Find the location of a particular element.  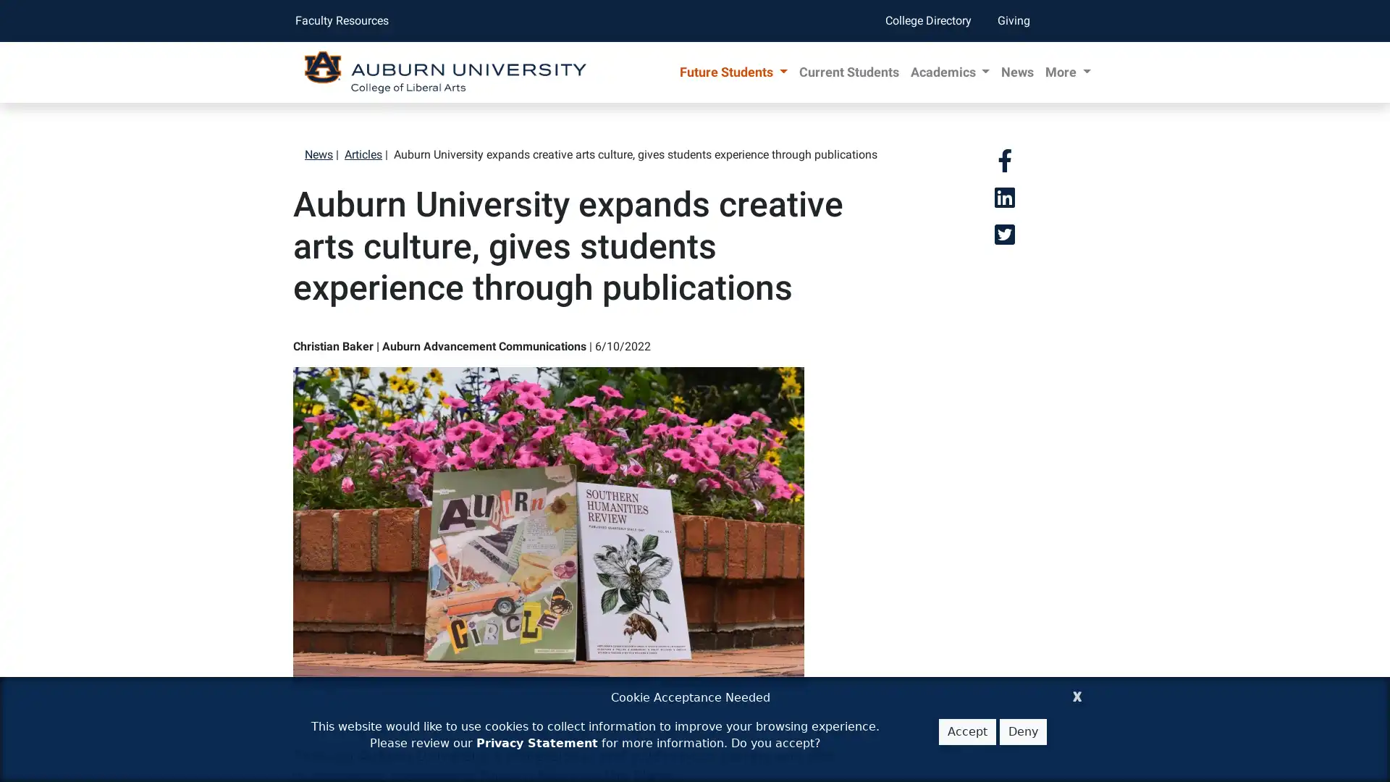

Accept is located at coordinates (967, 731).